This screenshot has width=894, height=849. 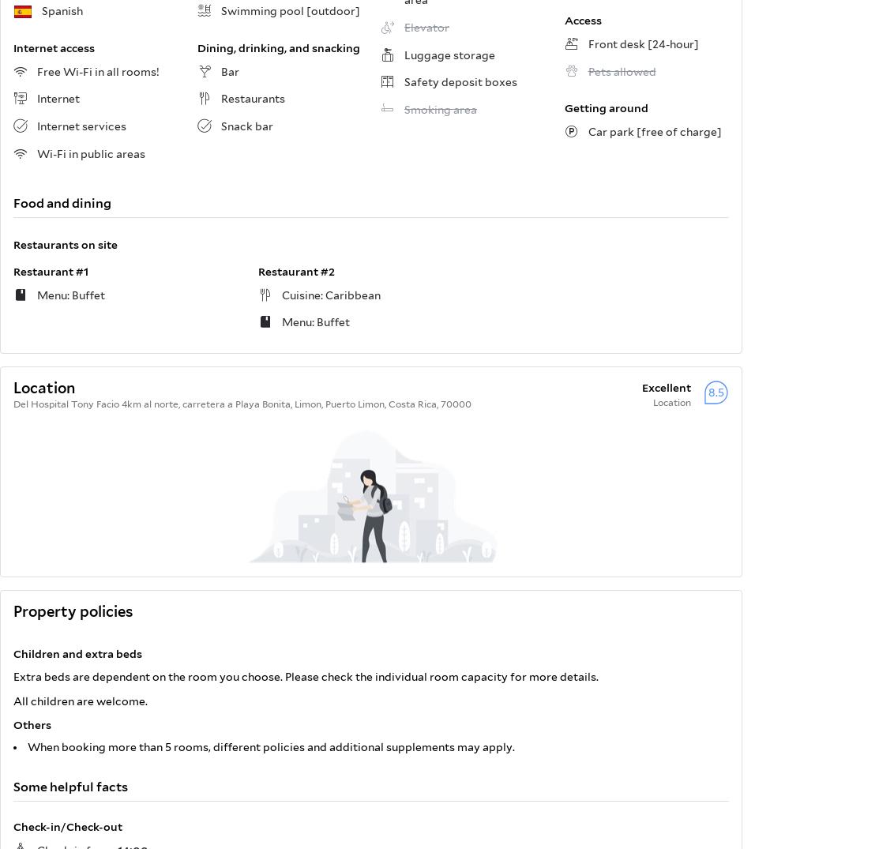 I want to click on 'Swimming pool [outdoor]', so click(x=289, y=9).